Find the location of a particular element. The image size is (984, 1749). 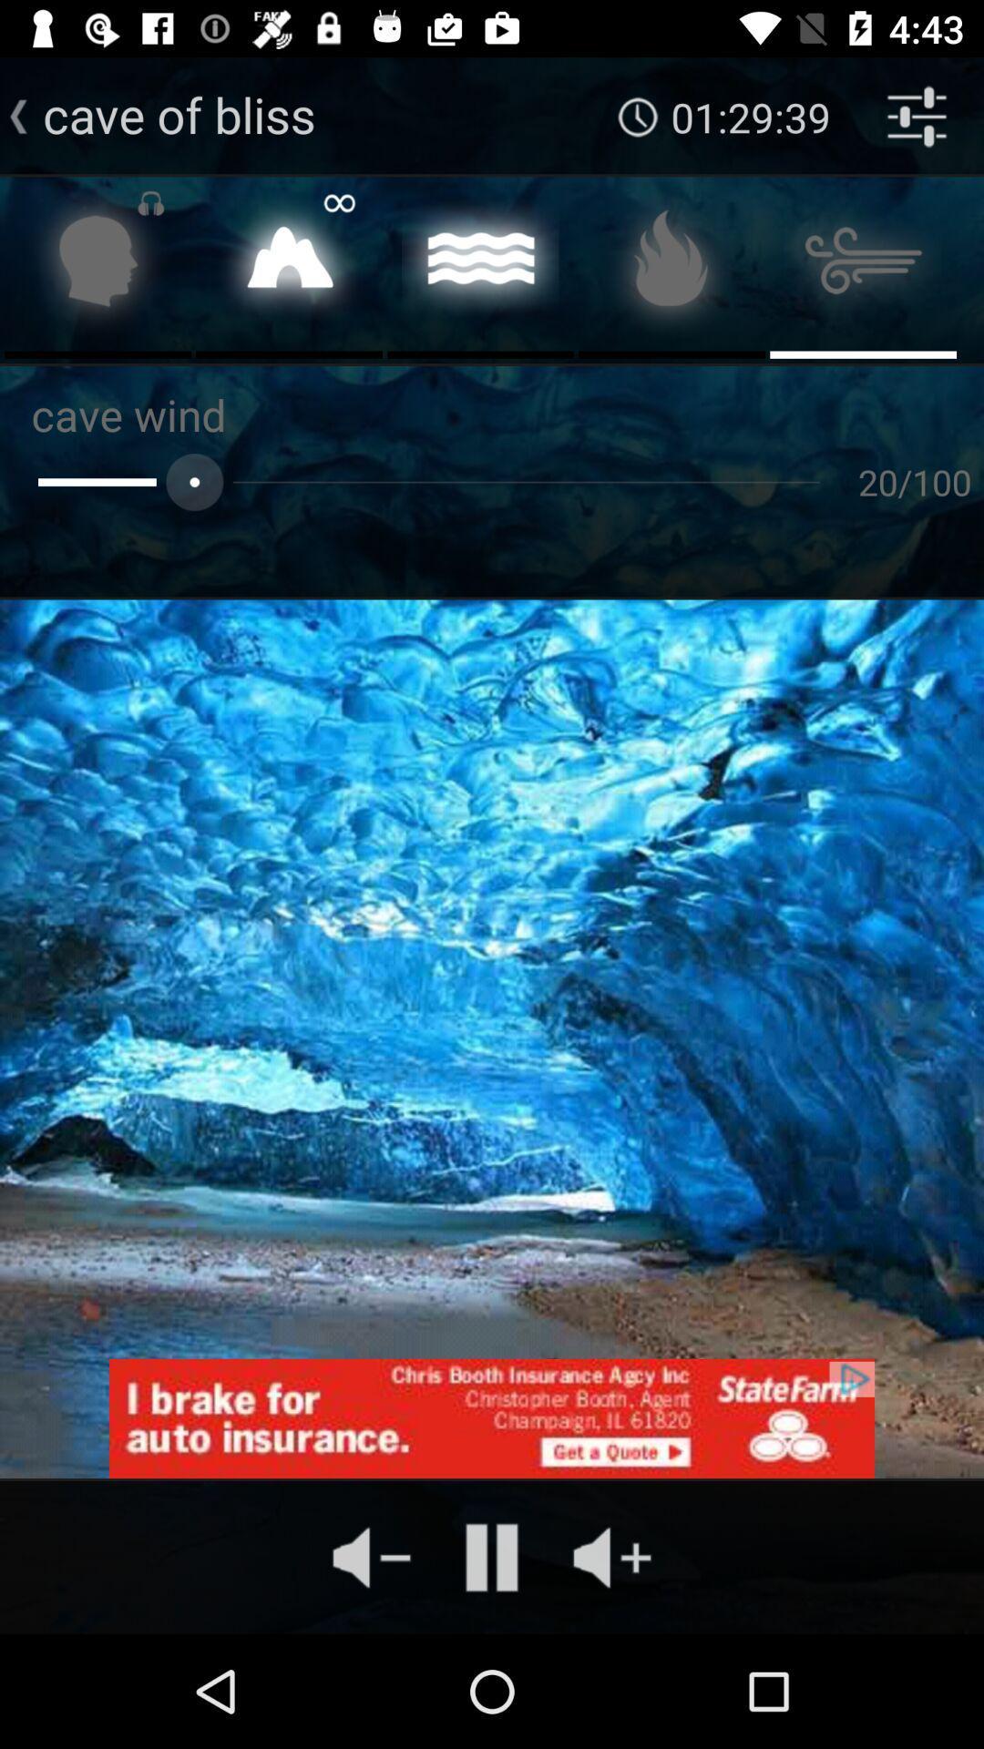

icon page is located at coordinates (288, 265).